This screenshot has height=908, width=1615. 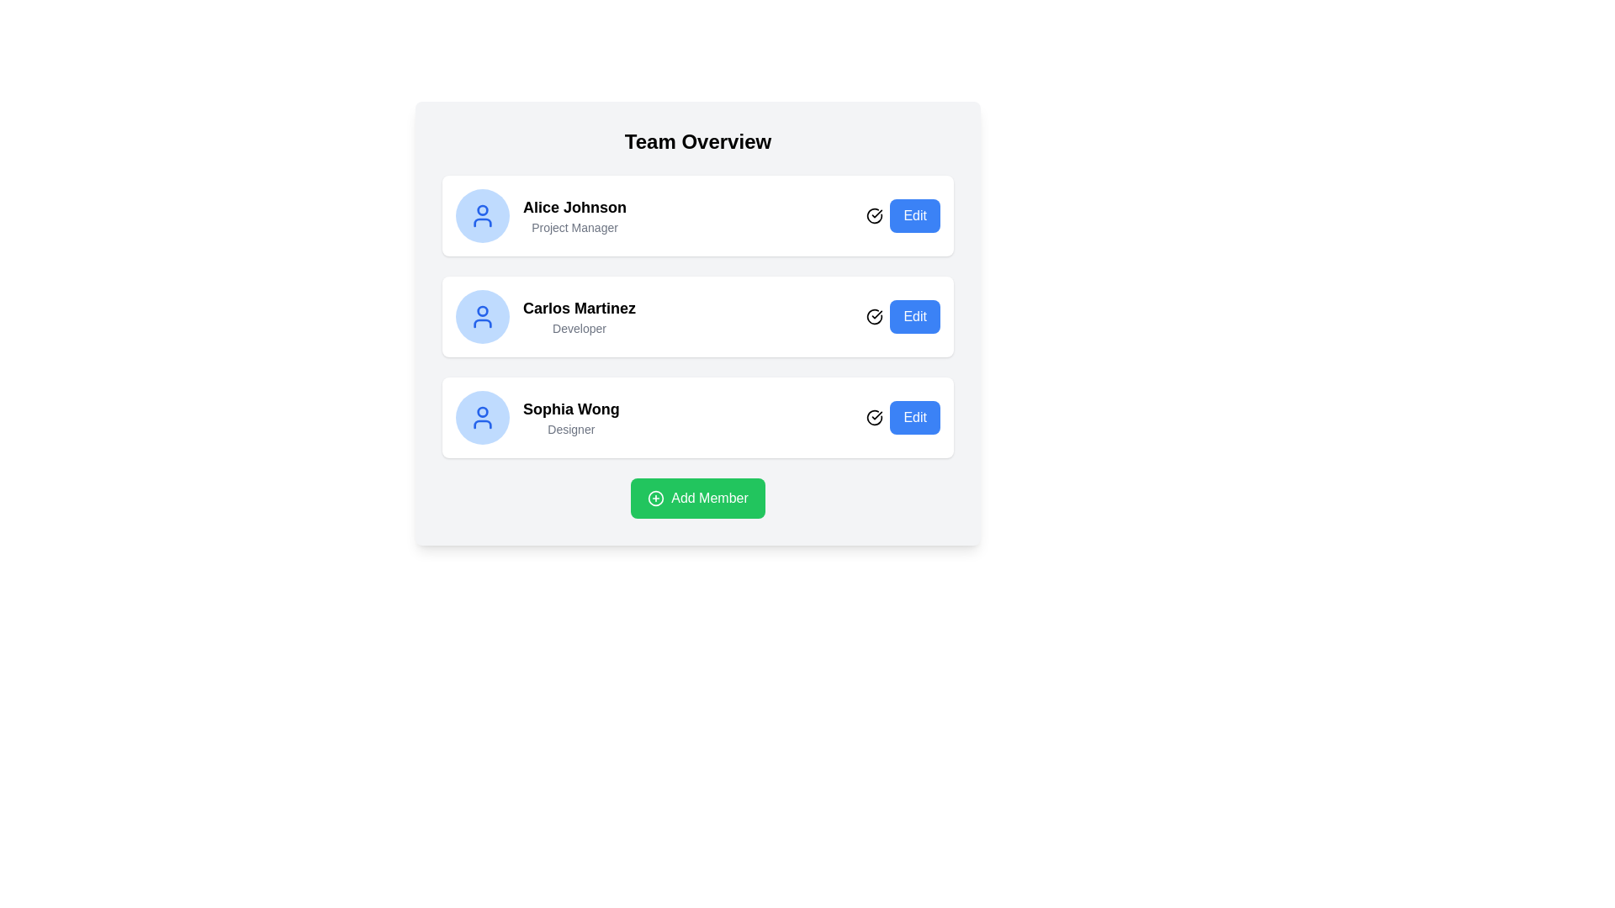 What do you see at coordinates (575, 227) in the screenshot?
I see `the static text label that describes the role of the individual in the team member card, positioned below the title 'Alice Johnson'` at bounding box center [575, 227].